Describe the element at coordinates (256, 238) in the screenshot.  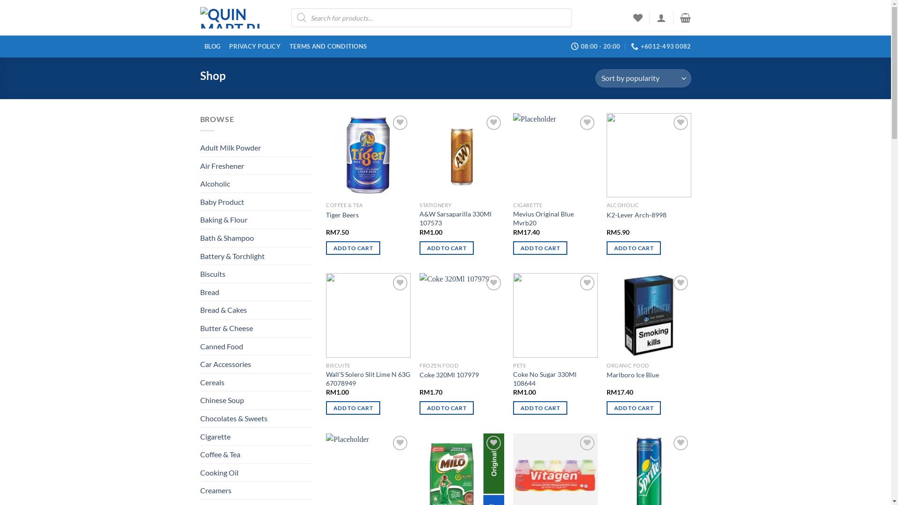
I see `'Bath & Shampoo'` at that location.